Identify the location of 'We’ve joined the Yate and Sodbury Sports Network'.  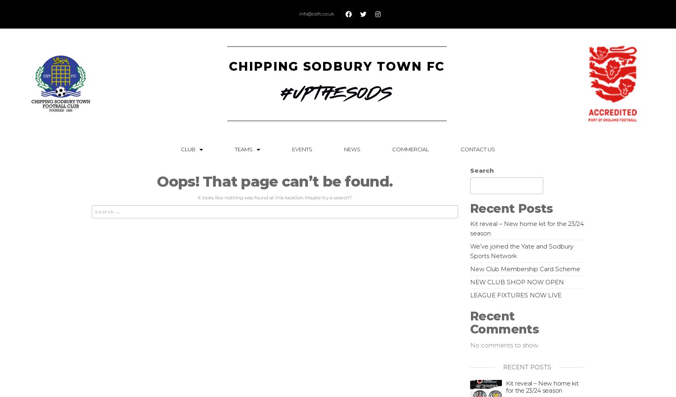
(522, 251).